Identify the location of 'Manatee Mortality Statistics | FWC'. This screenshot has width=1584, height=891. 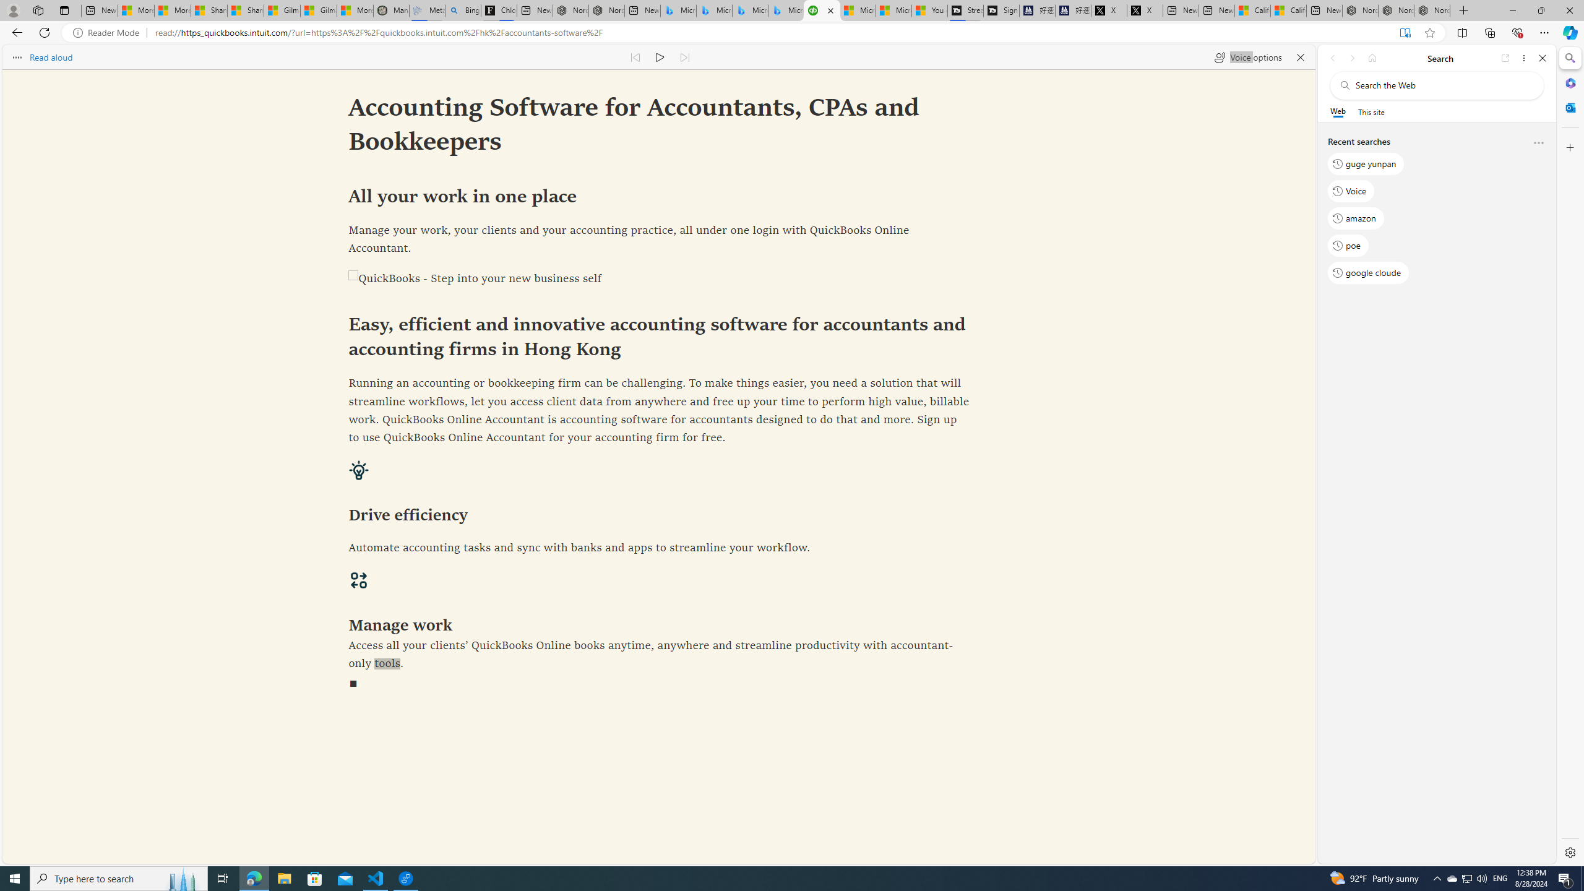
(390, 10).